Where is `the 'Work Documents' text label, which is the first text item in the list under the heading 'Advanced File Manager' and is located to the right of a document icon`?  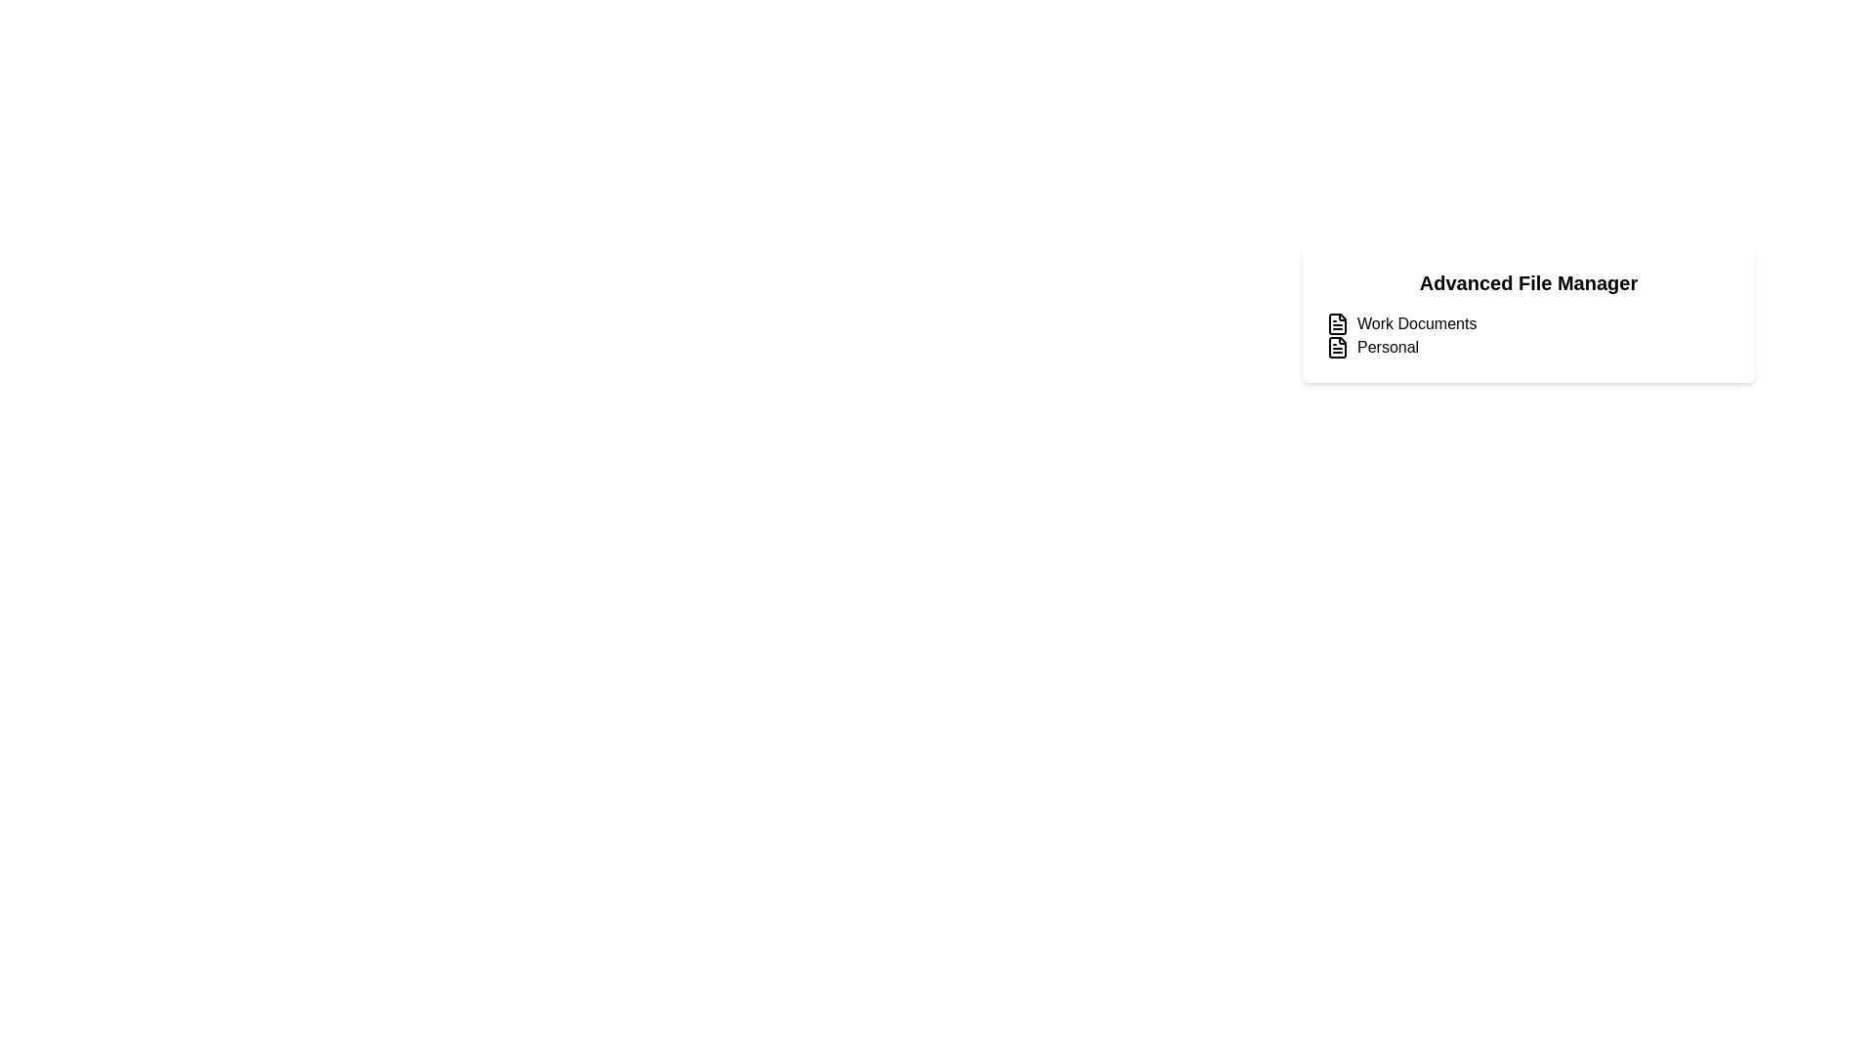 the 'Work Documents' text label, which is the first text item in the list under the heading 'Advanced File Manager' and is located to the right of a document icon is located at coordinates (1417, 322).